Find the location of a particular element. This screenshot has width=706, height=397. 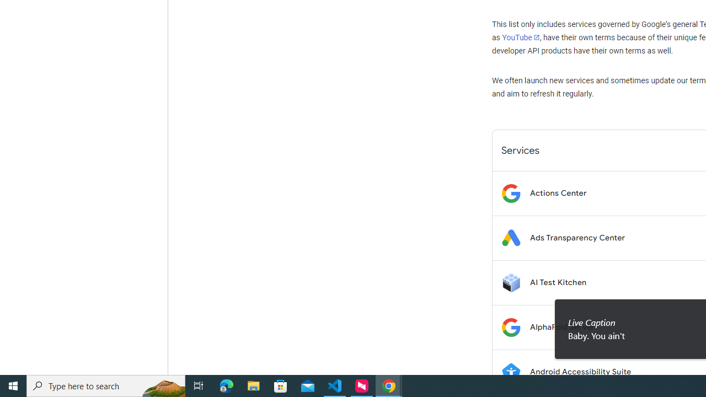

'Logo for Android Accessibility Suite' is located at coordinates (510, 372).